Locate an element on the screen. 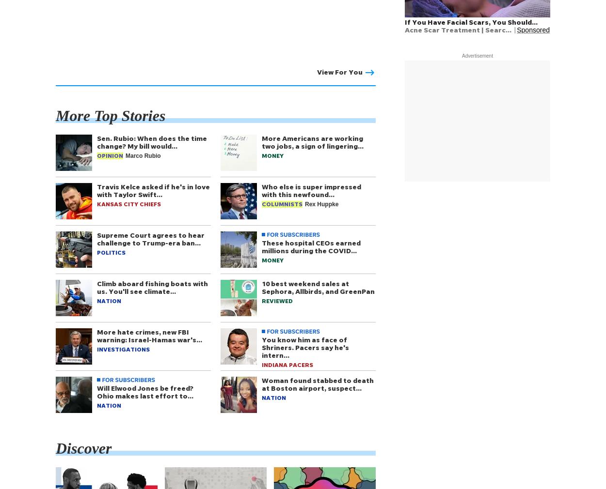 The height and width of the screenshot is (489, 606). 'Will Elwood Jones be freed? Ohio makes last effort to…' is located at coordinates (96, 392).